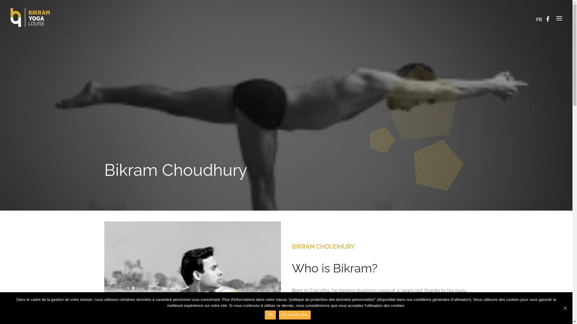 The image size is (577, 324). What do you see at coordinates (270, 314) in the screenshot?
I see `'Ok'` at bounding box center [270, 314].